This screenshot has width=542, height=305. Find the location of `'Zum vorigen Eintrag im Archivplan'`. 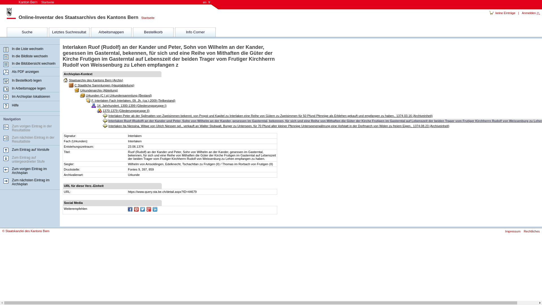

'Zum vorigen Eintrag im Archivplan' is located at coordinates (29, 171).